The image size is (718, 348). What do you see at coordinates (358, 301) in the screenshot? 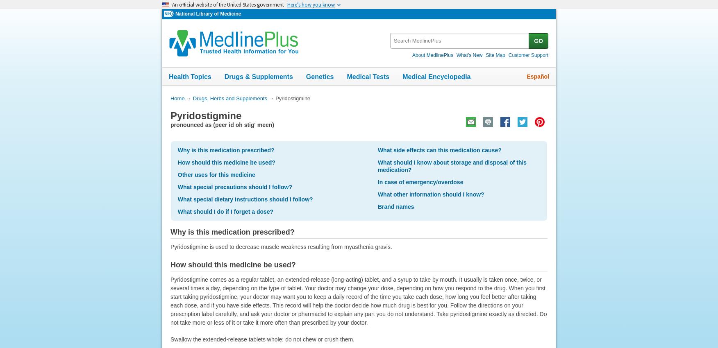
I see `'Pyridostigmine comes as a regular tablet, an extended-release (long-acting) tablet, and a syrup to take by mouth. It usually is taken once, twice, or several times a day, depending on the type of tablet. Your doctor may change your dose, depending on how you respond to the drug. When you first start taking pyridostigmine, your doctor may want you to keep a daily record of the time you take each dose, how long you feel better after taking each dose, and if you have side effects. This record will help the doctor decide how much drug is best for you. Follow the directions on your prescription label carefully, and ask your doctor or pharmacist to explain any part you do not understand. Take pyridostigmine exactly as directed. Do not take more or less of it or take it more often than prescribed by your doctor.'` at bounding box center [358, 301].